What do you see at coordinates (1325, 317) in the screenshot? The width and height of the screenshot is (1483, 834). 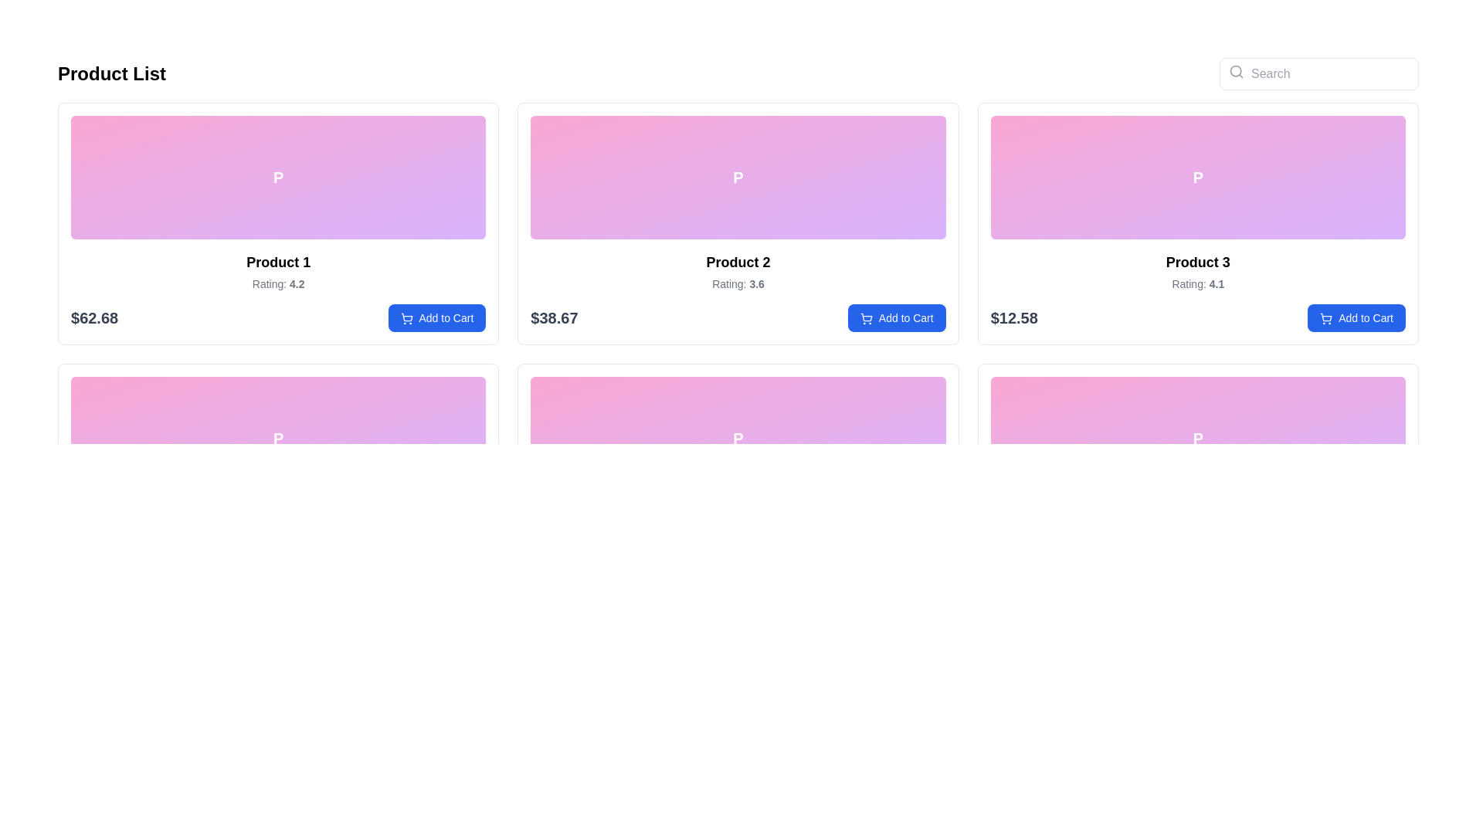 I see `the shopping cart icon next to the 'Add to Cart' button for 'Product 3' in the product grid` at bounding box center [1325, 317].